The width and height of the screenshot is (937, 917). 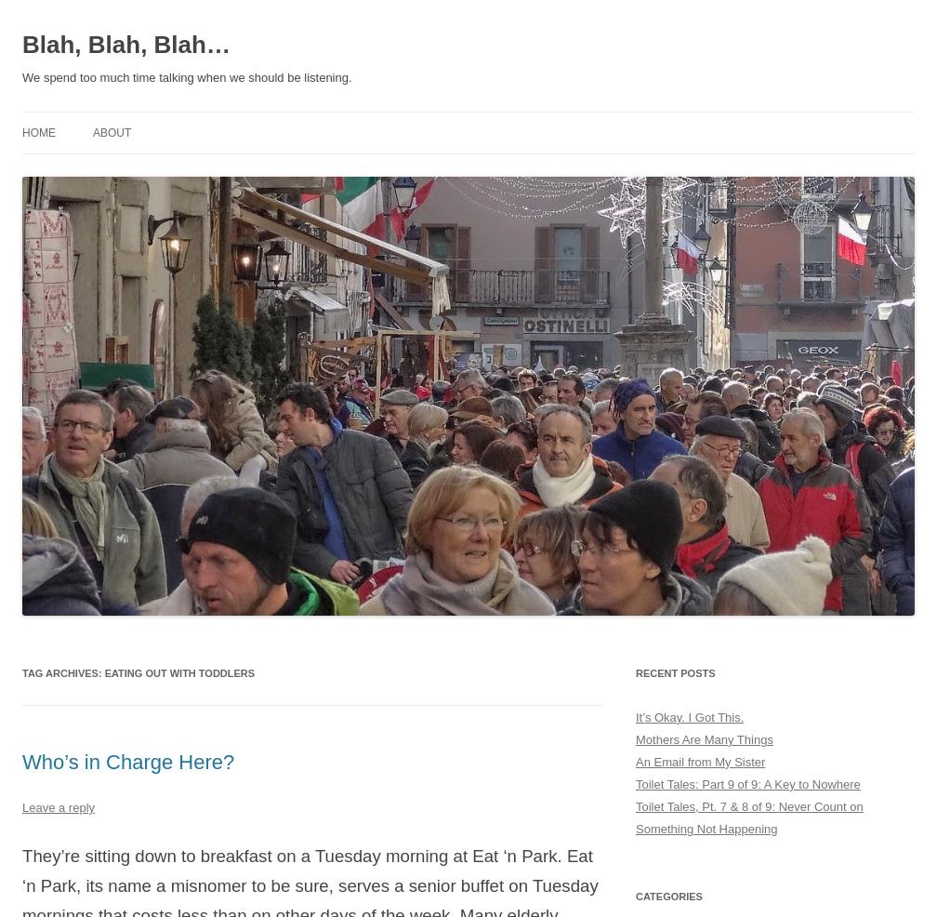 I want to click on 'An Email from My Sister', so click(x=700, y=761).